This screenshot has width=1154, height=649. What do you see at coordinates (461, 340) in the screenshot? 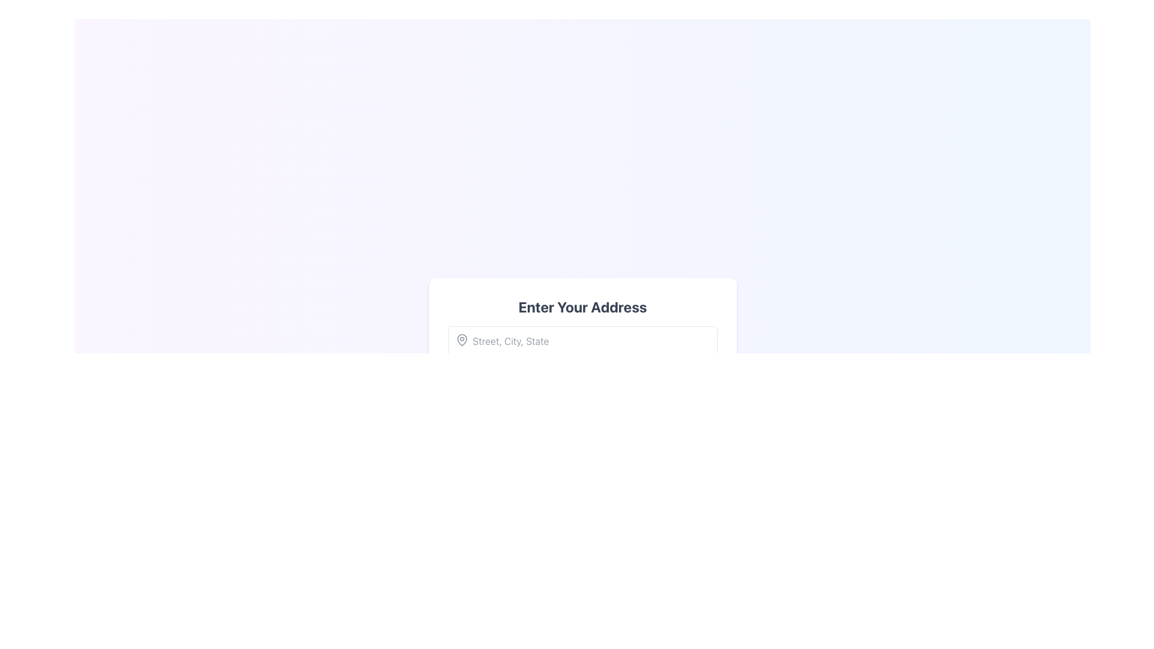
I see `the geographical location icon positioned at the top-left corner of the address input field, which visually represents location data` at bounding box center [461, 340].